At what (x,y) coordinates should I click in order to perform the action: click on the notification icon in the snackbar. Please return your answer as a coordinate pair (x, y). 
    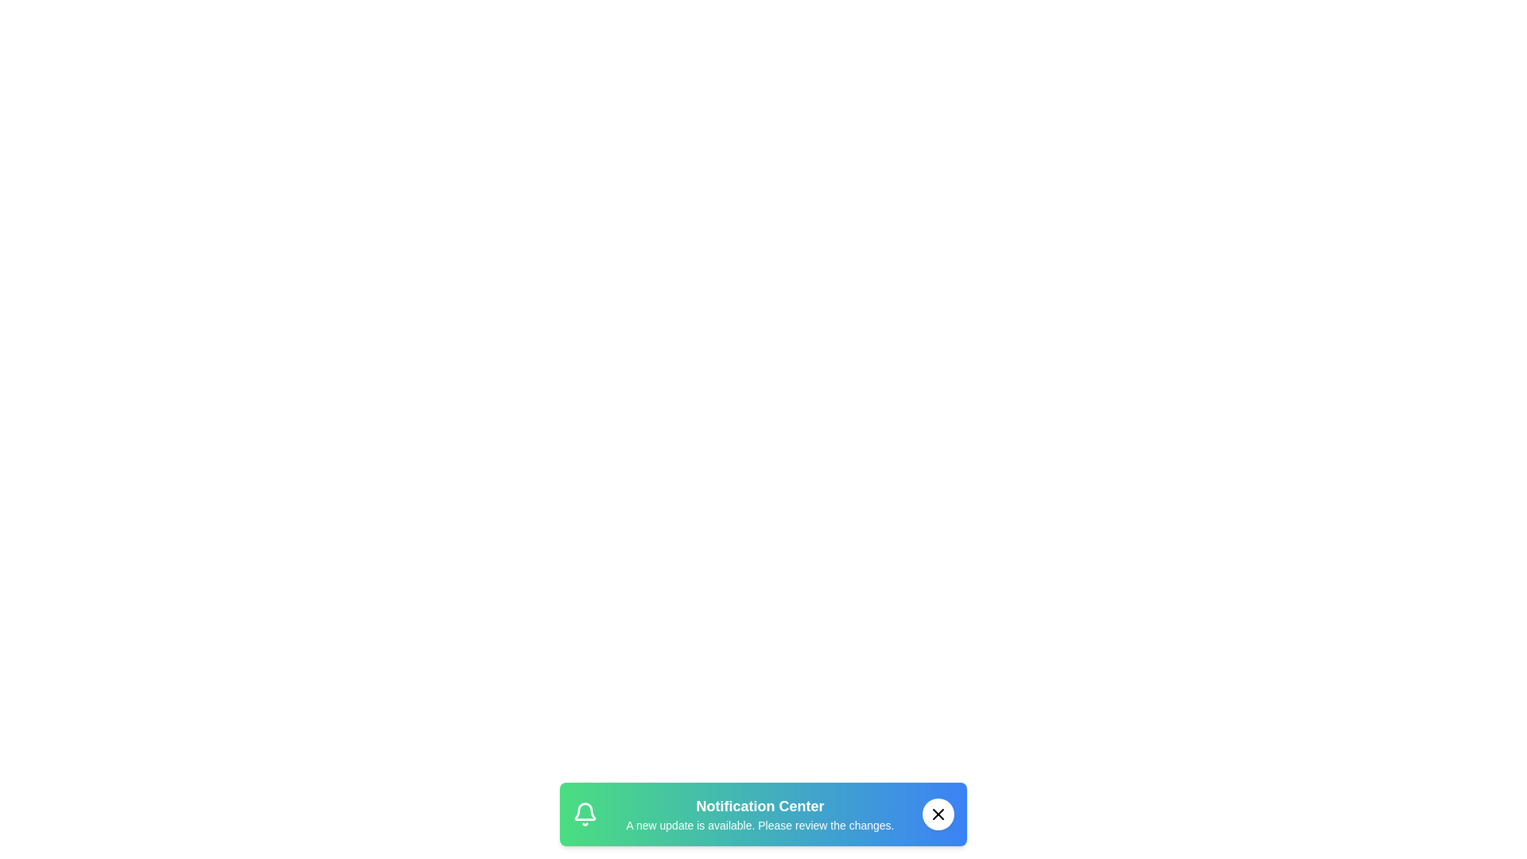
    Looking at the image, I should click on (584, 814).